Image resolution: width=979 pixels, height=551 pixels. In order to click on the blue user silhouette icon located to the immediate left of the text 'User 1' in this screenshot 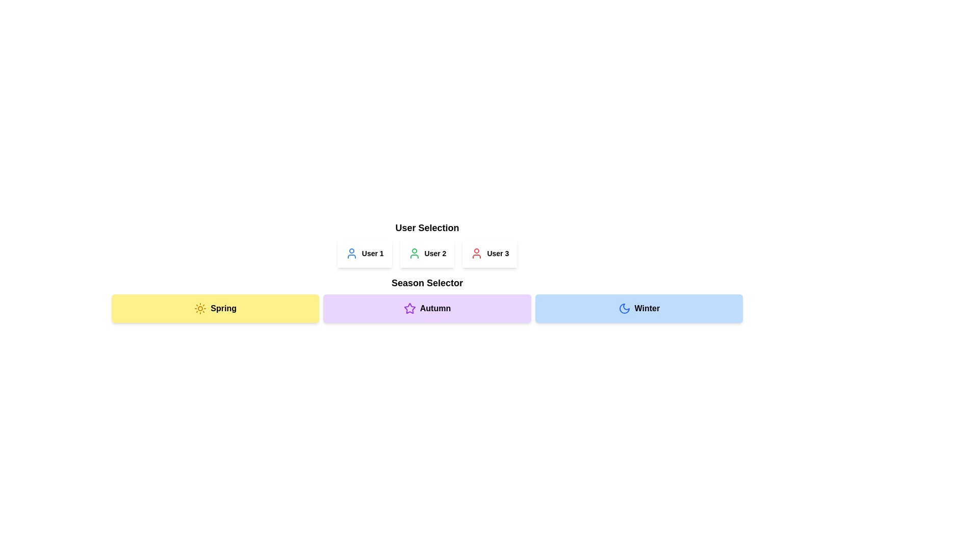, I will do `click(351, 253)`.